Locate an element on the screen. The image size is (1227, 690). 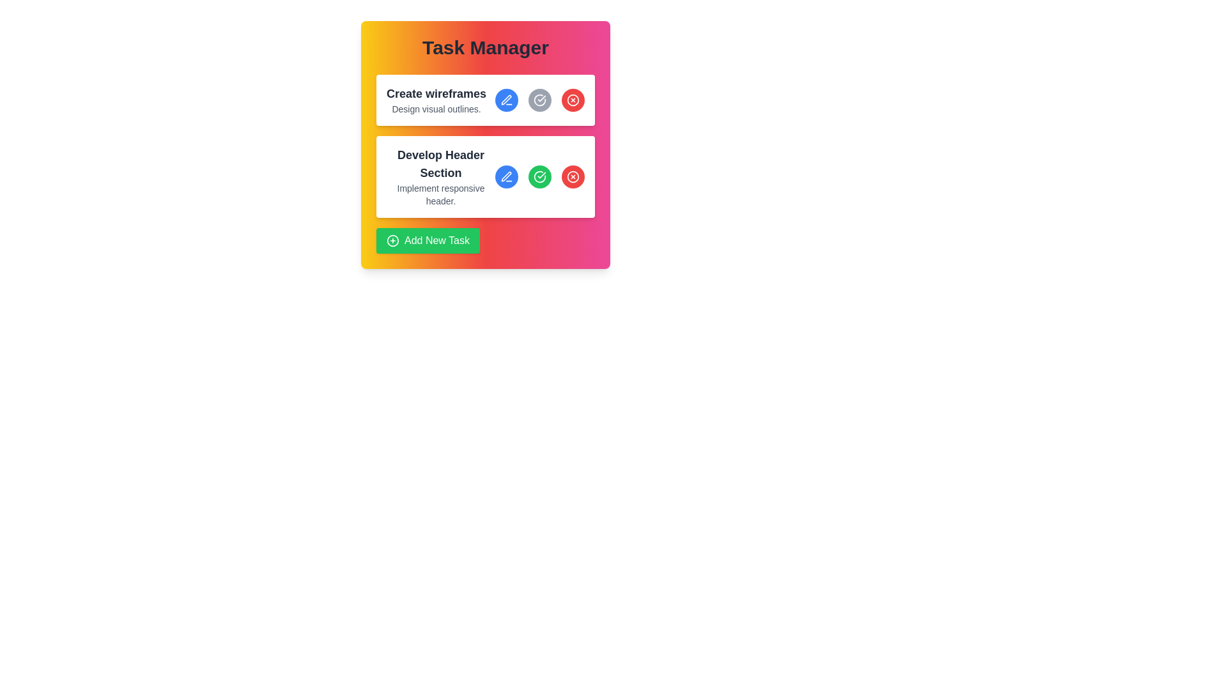
the first button in the row to the right of the 'Create wireframes' task description is located at coordinates (505, 100).